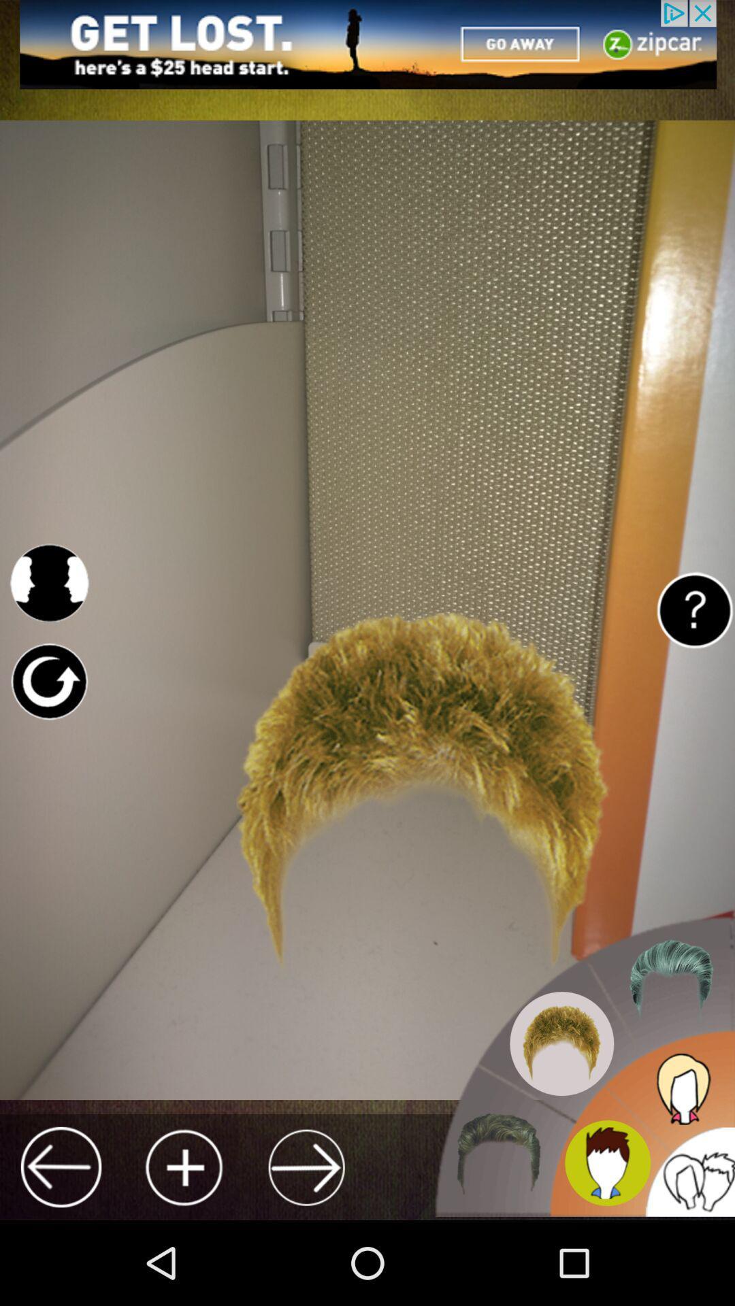  I want to click on something to hair, so click(184, 1167).